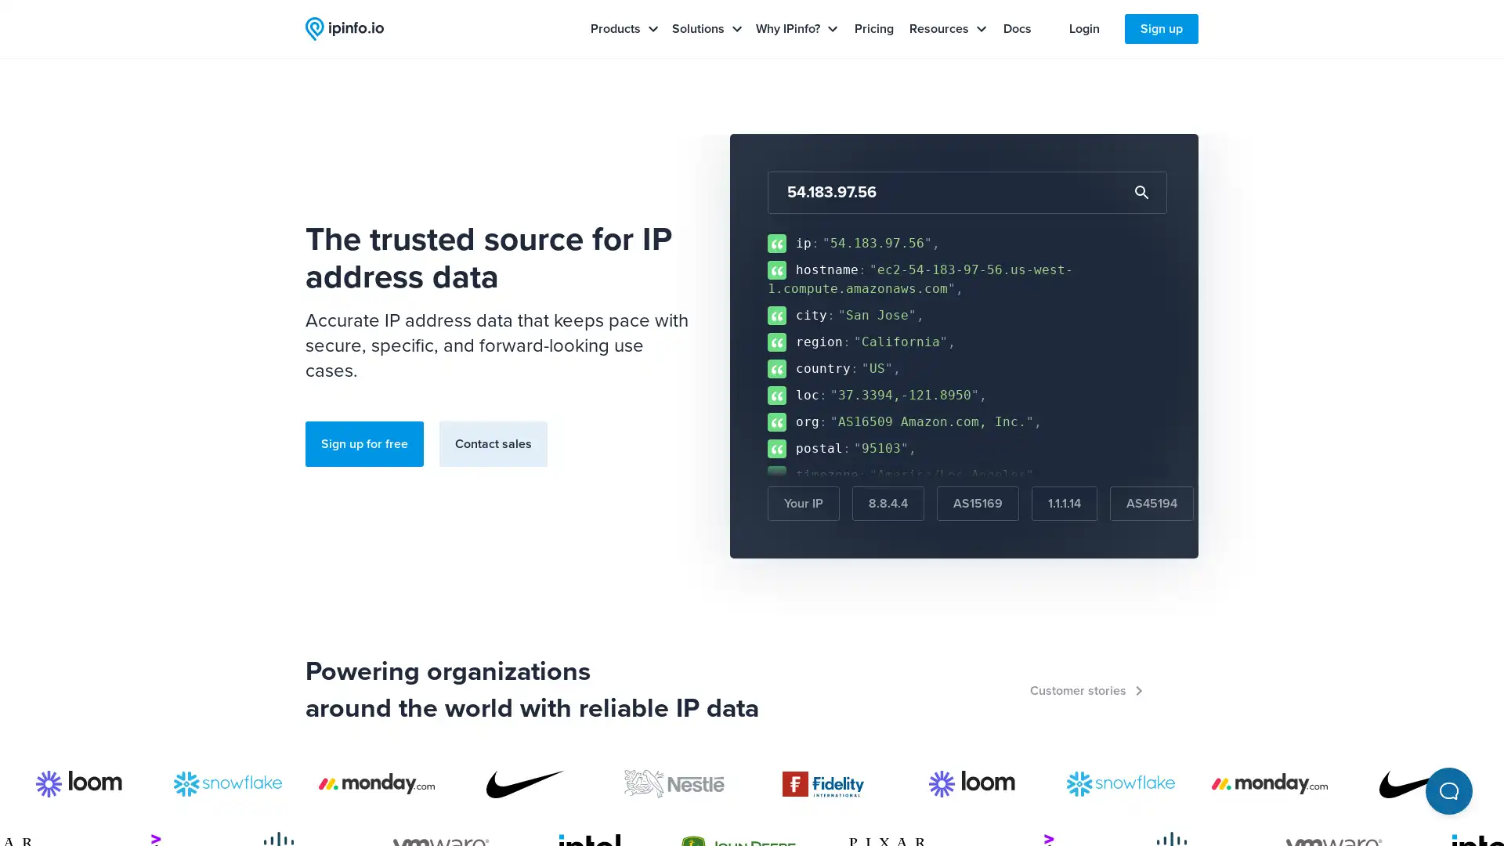 Image resolution: width=1504 pixels, height=846 pixels. What do you see at coordinates (947, 29) in the screenshot?
I see `Resources` at bounding box center [947, 29].